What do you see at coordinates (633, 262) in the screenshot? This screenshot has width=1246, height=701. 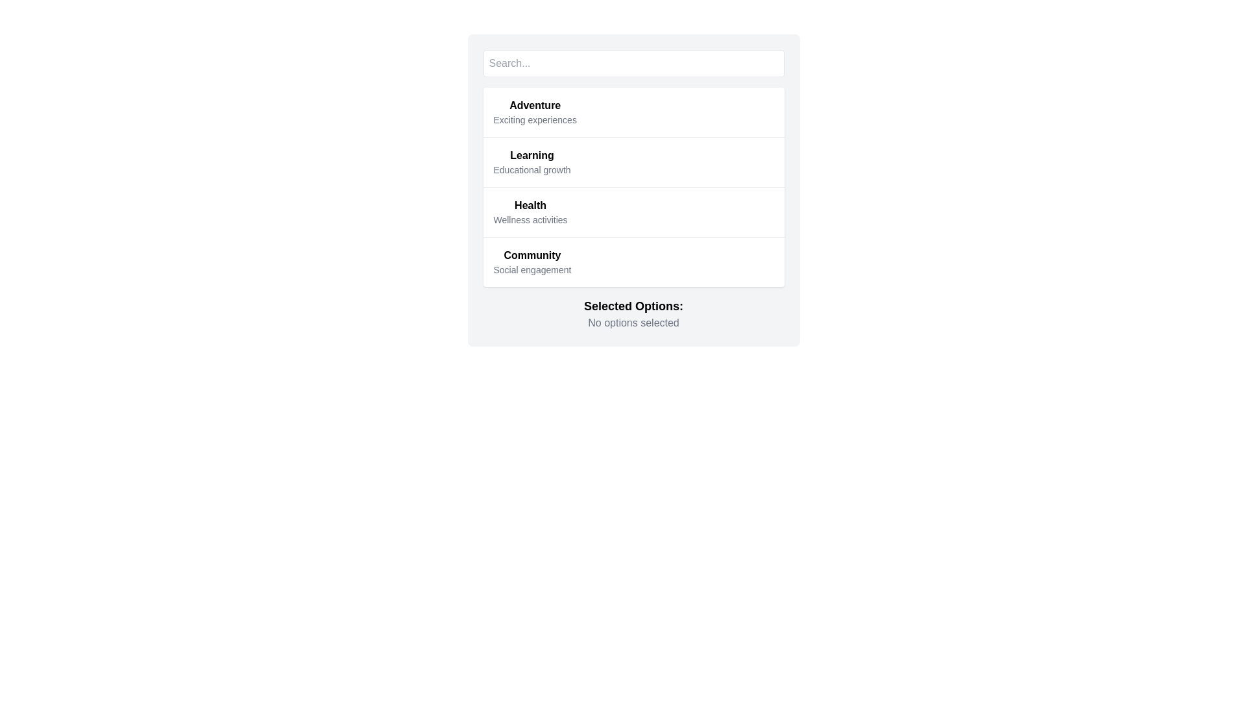 I see `the selectable list item labeled 'Community' with a grayed out second line 'Social engagement'` at bounding box center [633, 262].